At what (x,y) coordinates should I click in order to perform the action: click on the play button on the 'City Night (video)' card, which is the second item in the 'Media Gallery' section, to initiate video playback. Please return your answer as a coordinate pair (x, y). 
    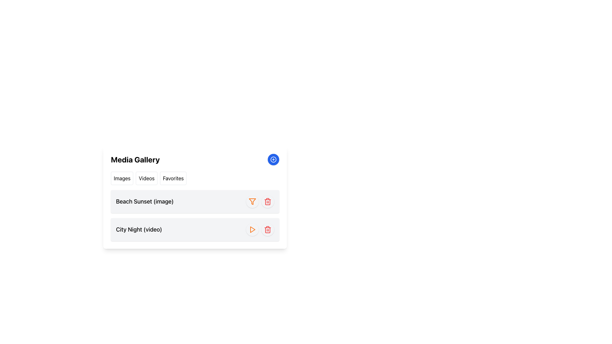
    Looking at the image, I should click on (194, 230).